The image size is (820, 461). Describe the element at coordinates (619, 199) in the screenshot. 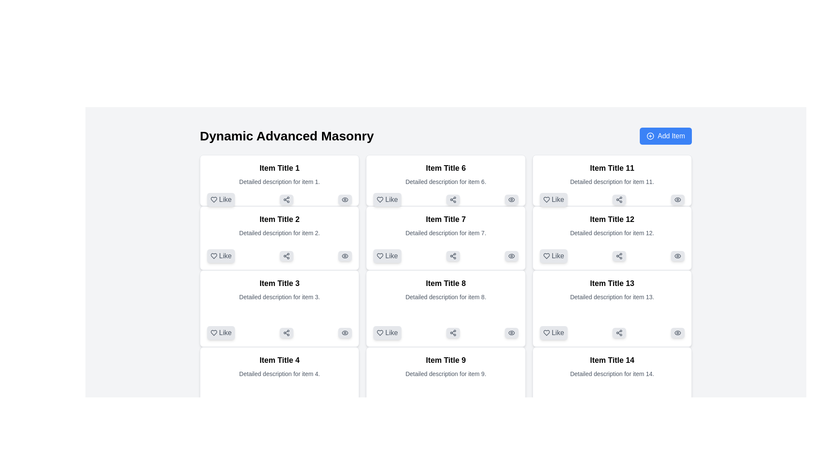

I see `the share icon button, which consists of three interconnected circles, located in the horizontal control toolbar beneath the card labeled 'Item Title 11'` at that location.